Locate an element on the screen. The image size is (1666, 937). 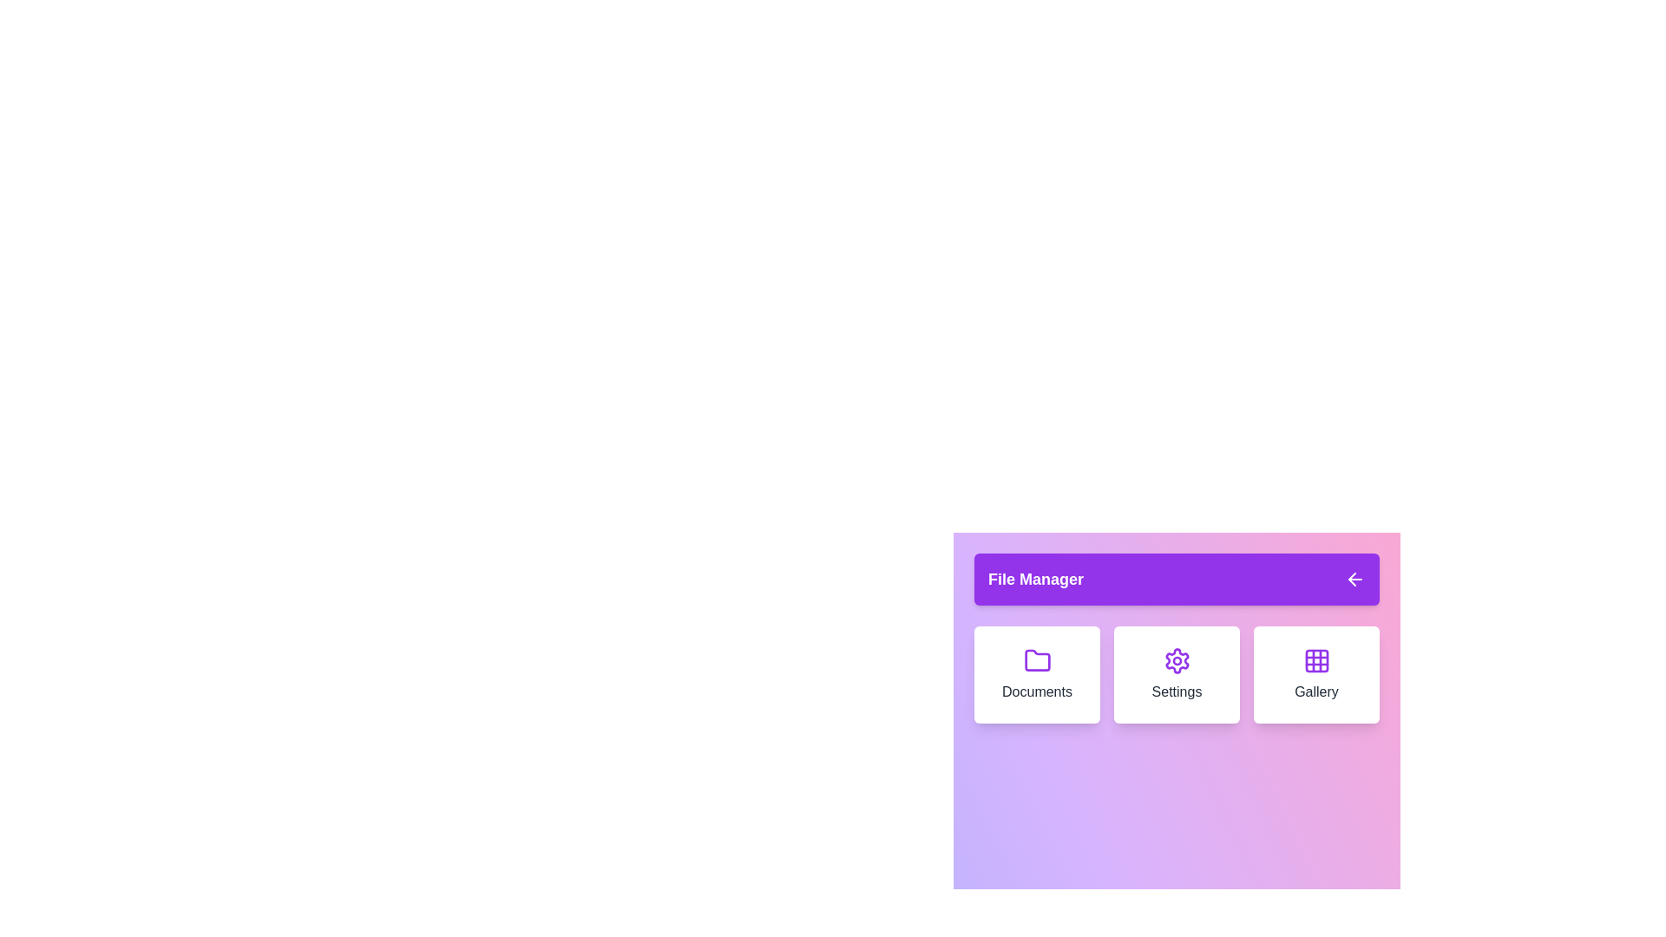
the 'Documents' item is located at coordinates (1037, 674).